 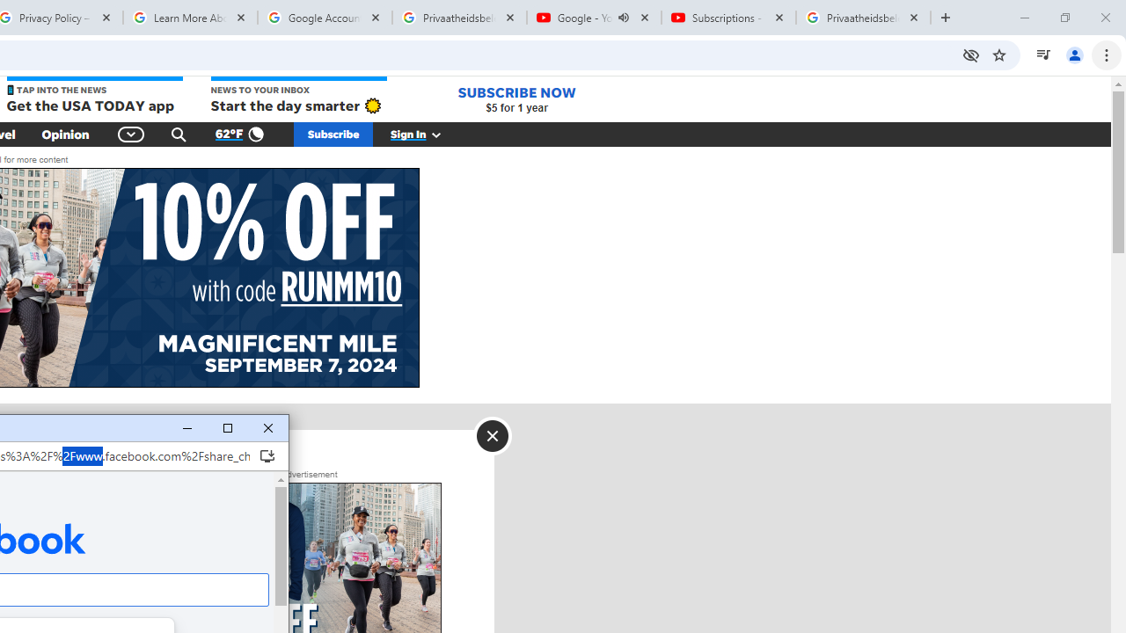 I want to click on 'Maximize', so click(x=226, y=428).